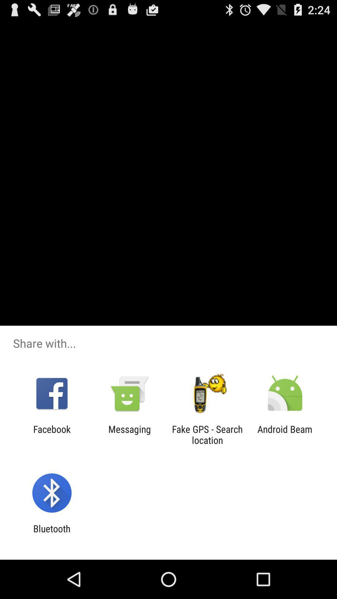 This screenshot has width=337, height=599. Describe the element at coordinates (129, 434) in the screenshot. I see `the icon next to facebook` at that location.